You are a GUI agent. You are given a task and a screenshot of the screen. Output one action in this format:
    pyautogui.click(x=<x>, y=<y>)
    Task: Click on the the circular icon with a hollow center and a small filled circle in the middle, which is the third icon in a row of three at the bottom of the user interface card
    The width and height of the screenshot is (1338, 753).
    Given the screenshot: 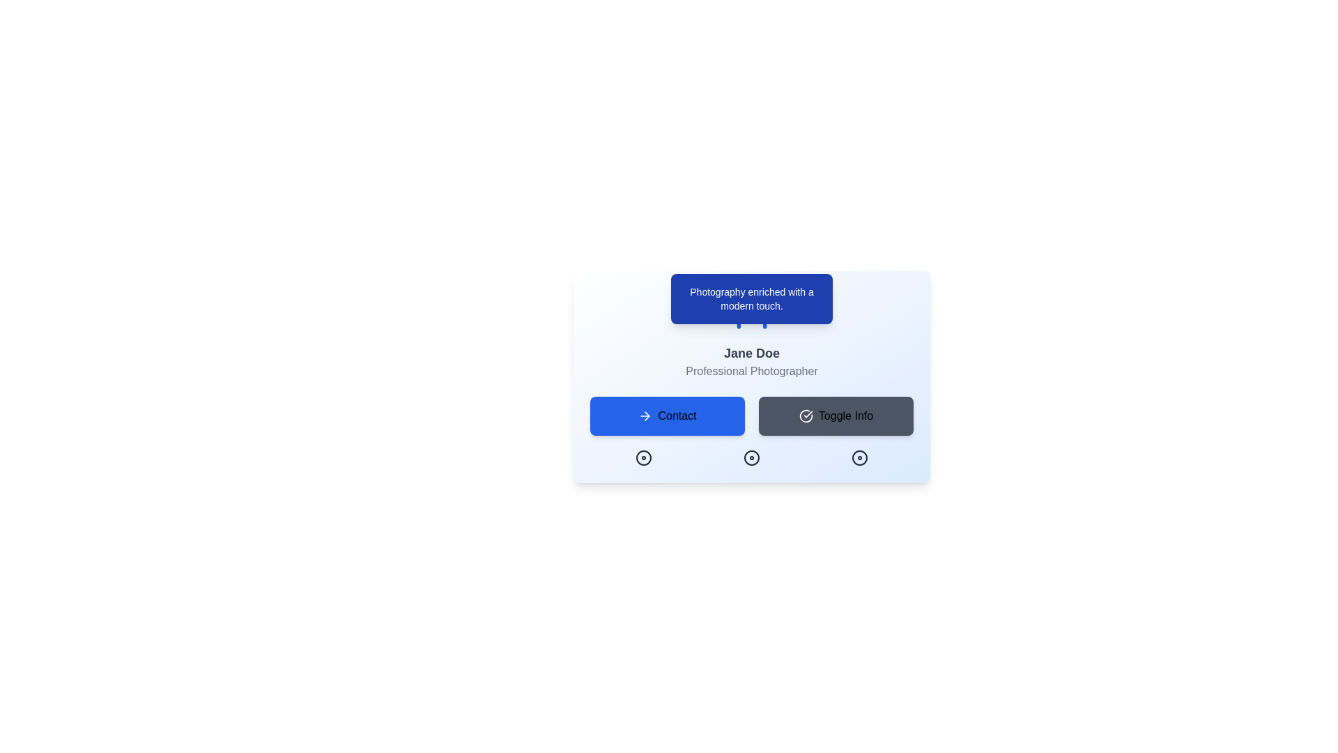 What is the action you would take?
    pyautogui.click(x=859, y=457)
    